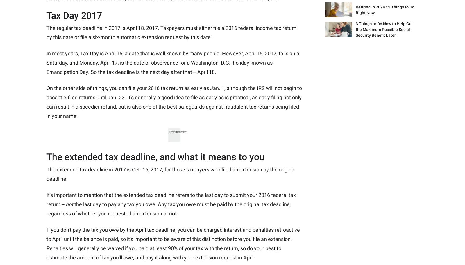 This screenshot has height=265, width=465. I want to click on 'All Services', so click(213, 107).